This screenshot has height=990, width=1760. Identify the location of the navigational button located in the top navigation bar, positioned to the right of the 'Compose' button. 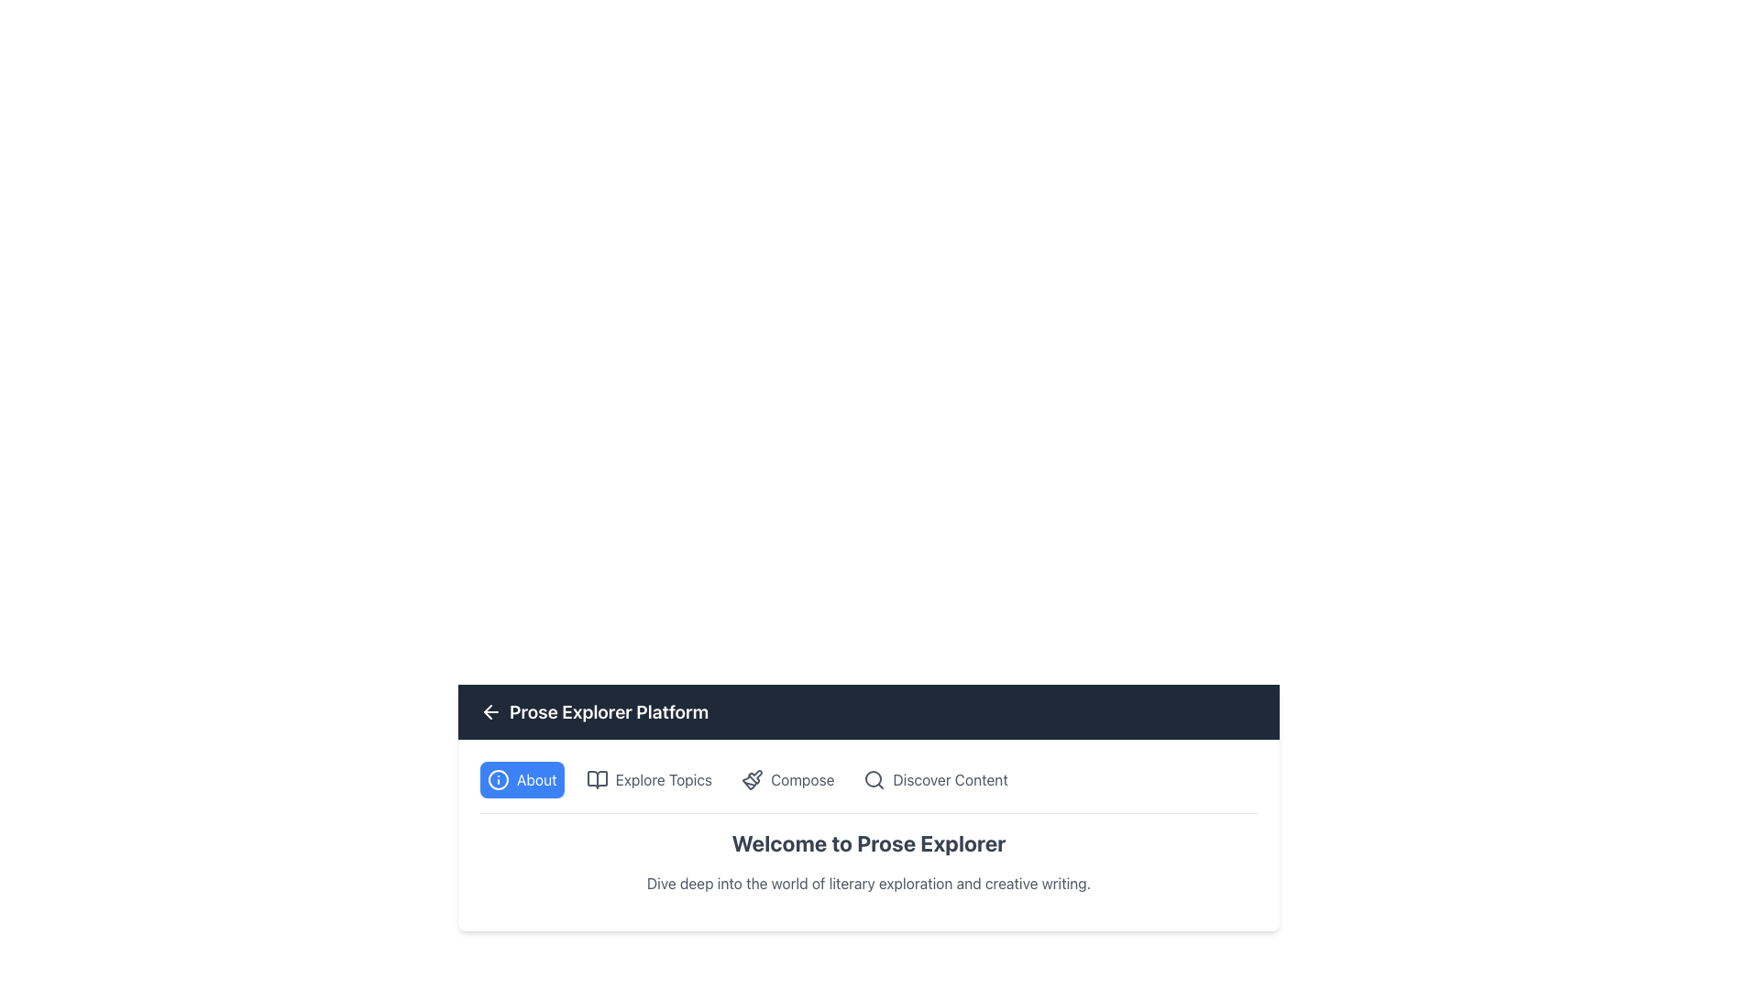
(936, 780).